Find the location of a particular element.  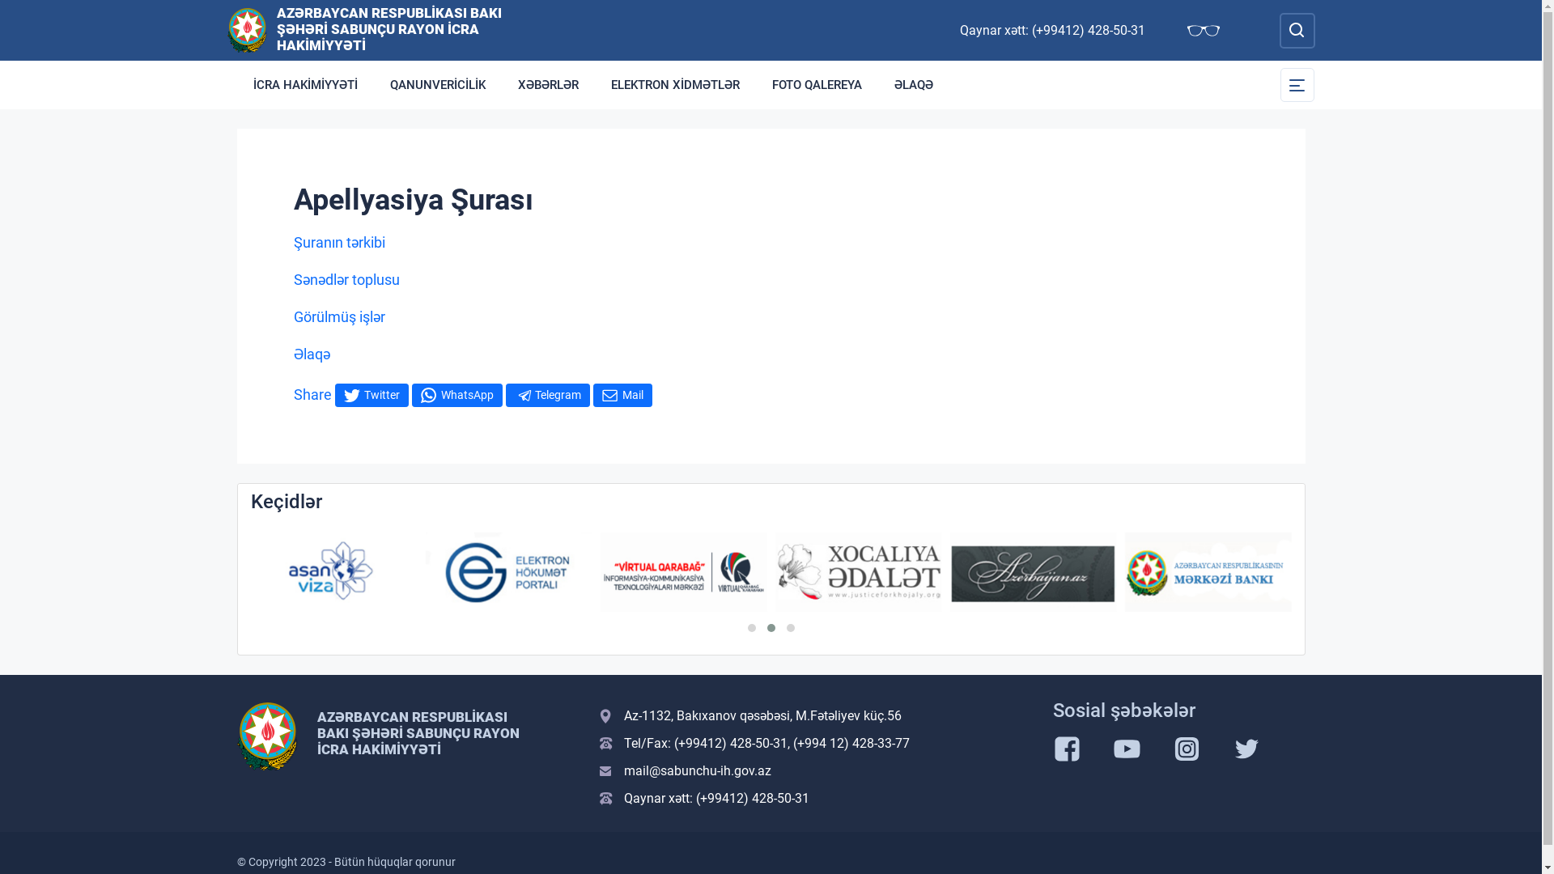

'FOTO QALEREYA' is located at coordinates (817, 84).